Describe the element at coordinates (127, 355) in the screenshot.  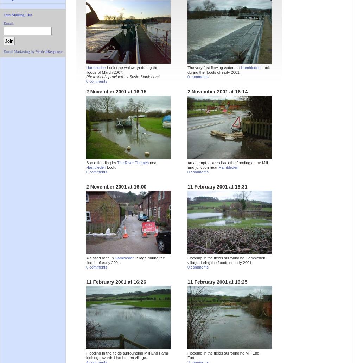
I see `'Flooding in the fields surrounding Mill End Farm looking towards Hambleden village.'` at that location.